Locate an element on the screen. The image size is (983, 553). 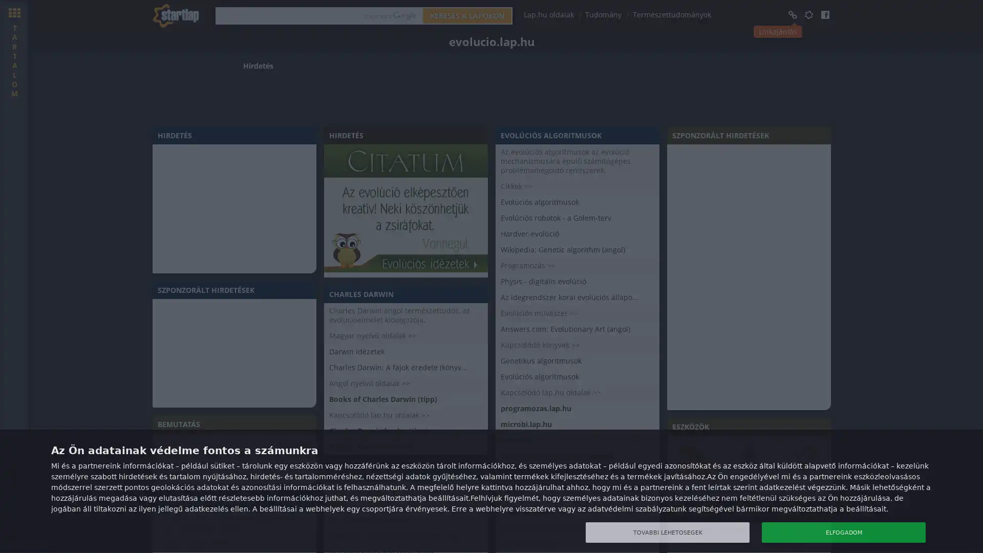
TOVABBI LEHETOSEGEK is located at coordinates (668, 532).